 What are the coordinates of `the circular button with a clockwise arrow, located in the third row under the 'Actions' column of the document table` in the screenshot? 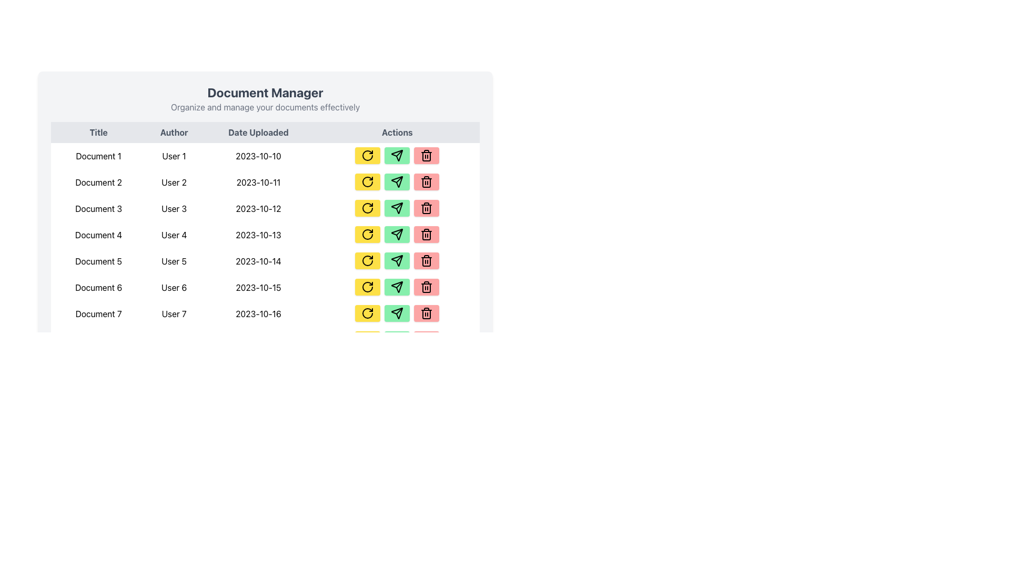 It's located at (368, 208).